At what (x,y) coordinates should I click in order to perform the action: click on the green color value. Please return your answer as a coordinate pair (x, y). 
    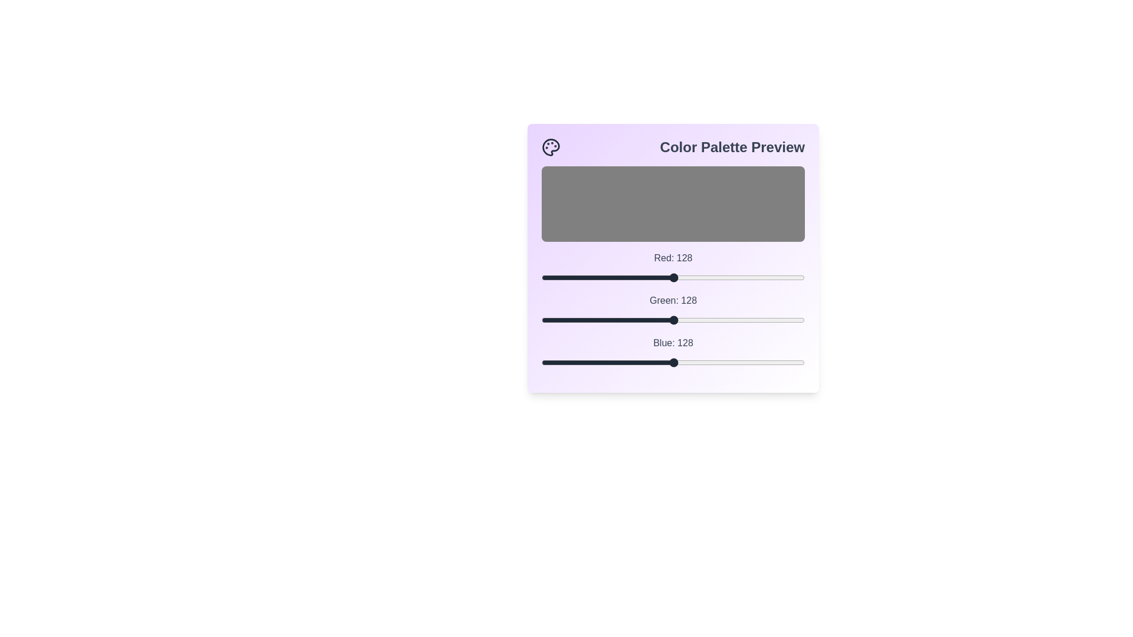
    Looking at the image, I should click on (647, 320).